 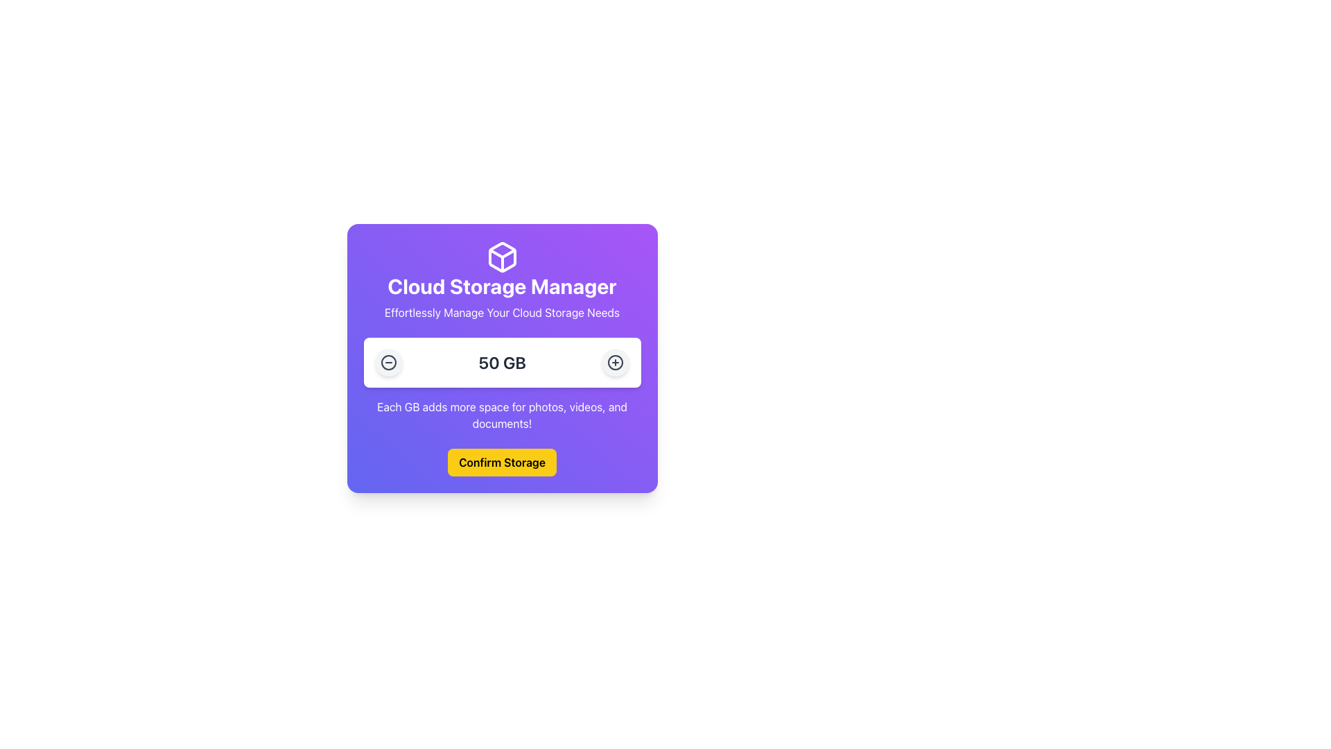 What do you see at coordinates (615, 362) in the screenshot?
I see `the Icon button that increments the storage capacity related to the '50 GB' value displayed next to it, located towards the bottom right of the input area` at bounding box center [615, 362].